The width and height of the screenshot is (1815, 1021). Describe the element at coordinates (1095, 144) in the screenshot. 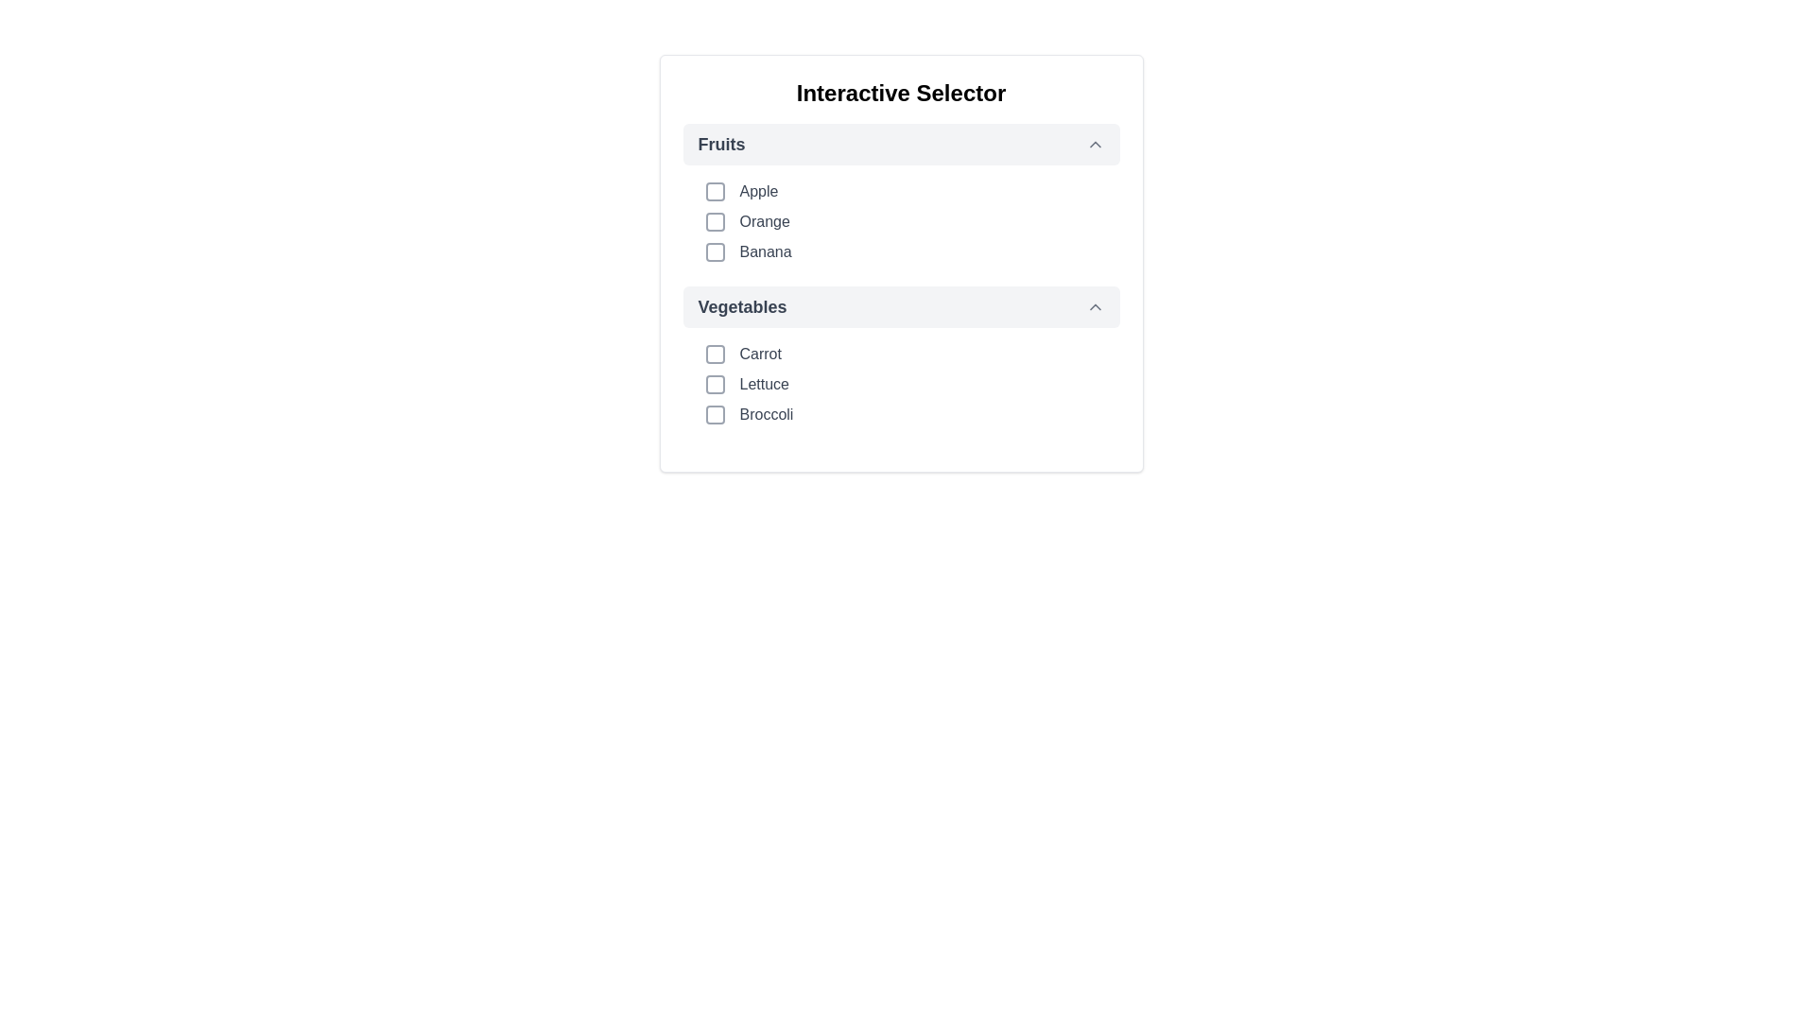

I see `the chevron-up icon located on the right-hand side of the 'Fruits' label` at that location.